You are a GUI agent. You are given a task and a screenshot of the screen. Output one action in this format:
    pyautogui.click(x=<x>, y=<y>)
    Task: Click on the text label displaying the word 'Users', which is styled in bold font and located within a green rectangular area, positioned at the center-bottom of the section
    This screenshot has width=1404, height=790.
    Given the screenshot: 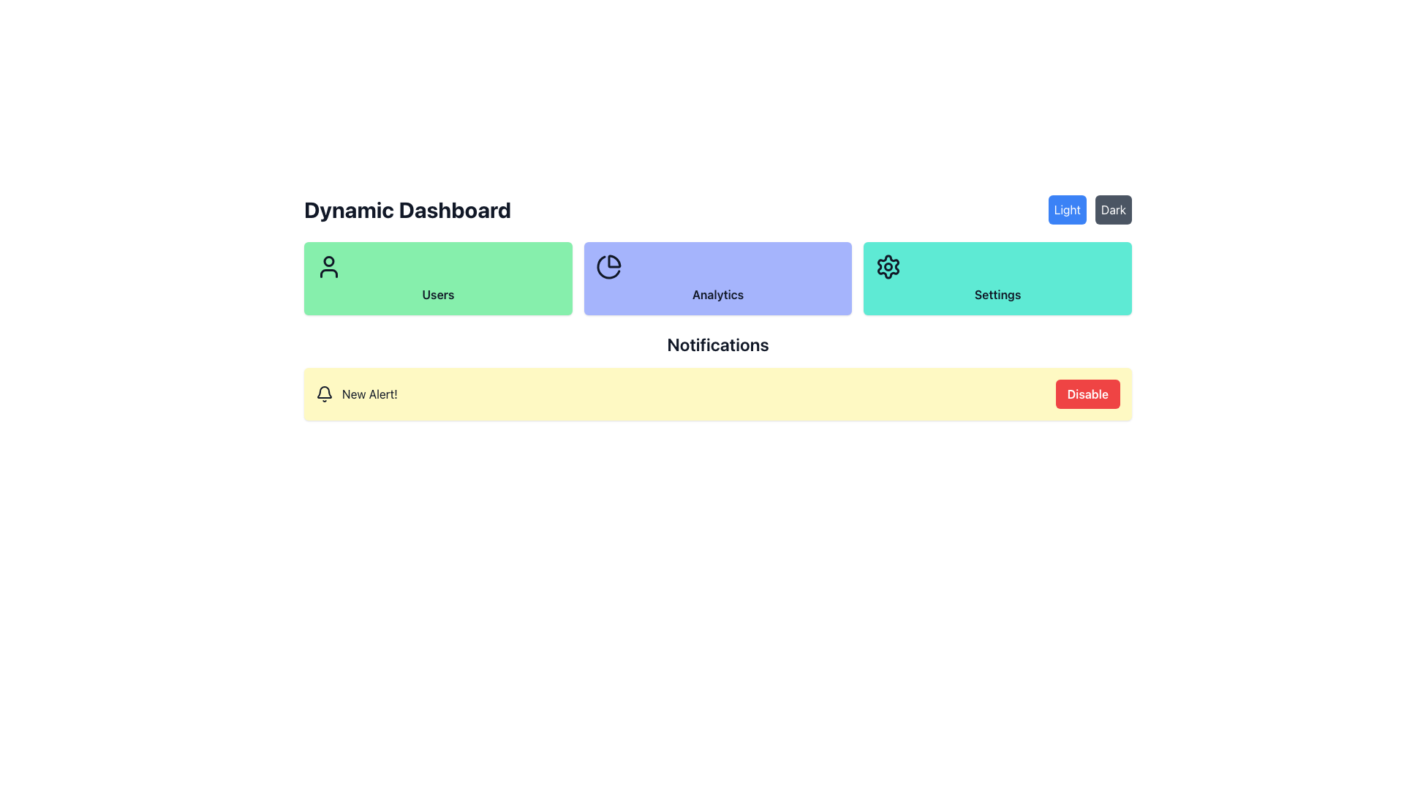 What is the action you would take?
    pyautogui.click(x=437, y=294)
    